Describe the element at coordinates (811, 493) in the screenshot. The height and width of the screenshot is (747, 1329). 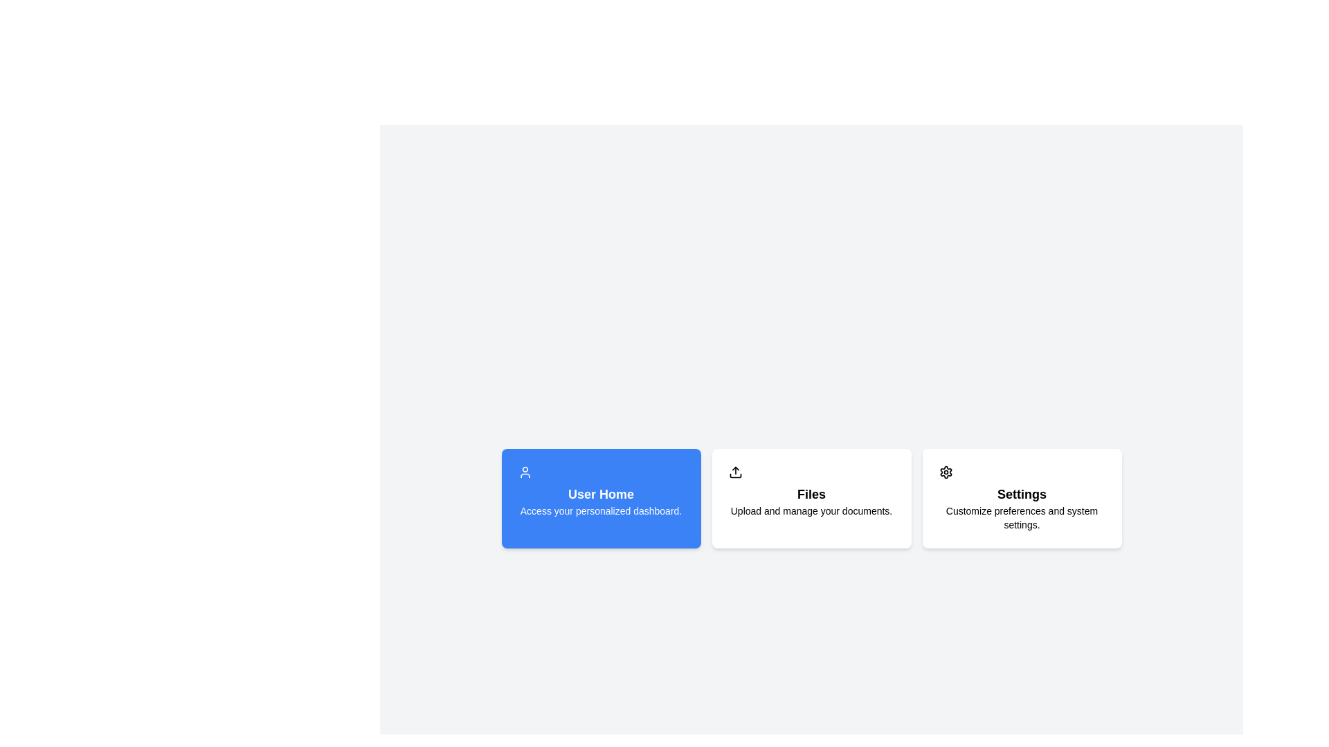
I see `the bold text label 'Files' located at the top of a white card, situated between the 'User Home' card and the 'Settings' card` at that location.